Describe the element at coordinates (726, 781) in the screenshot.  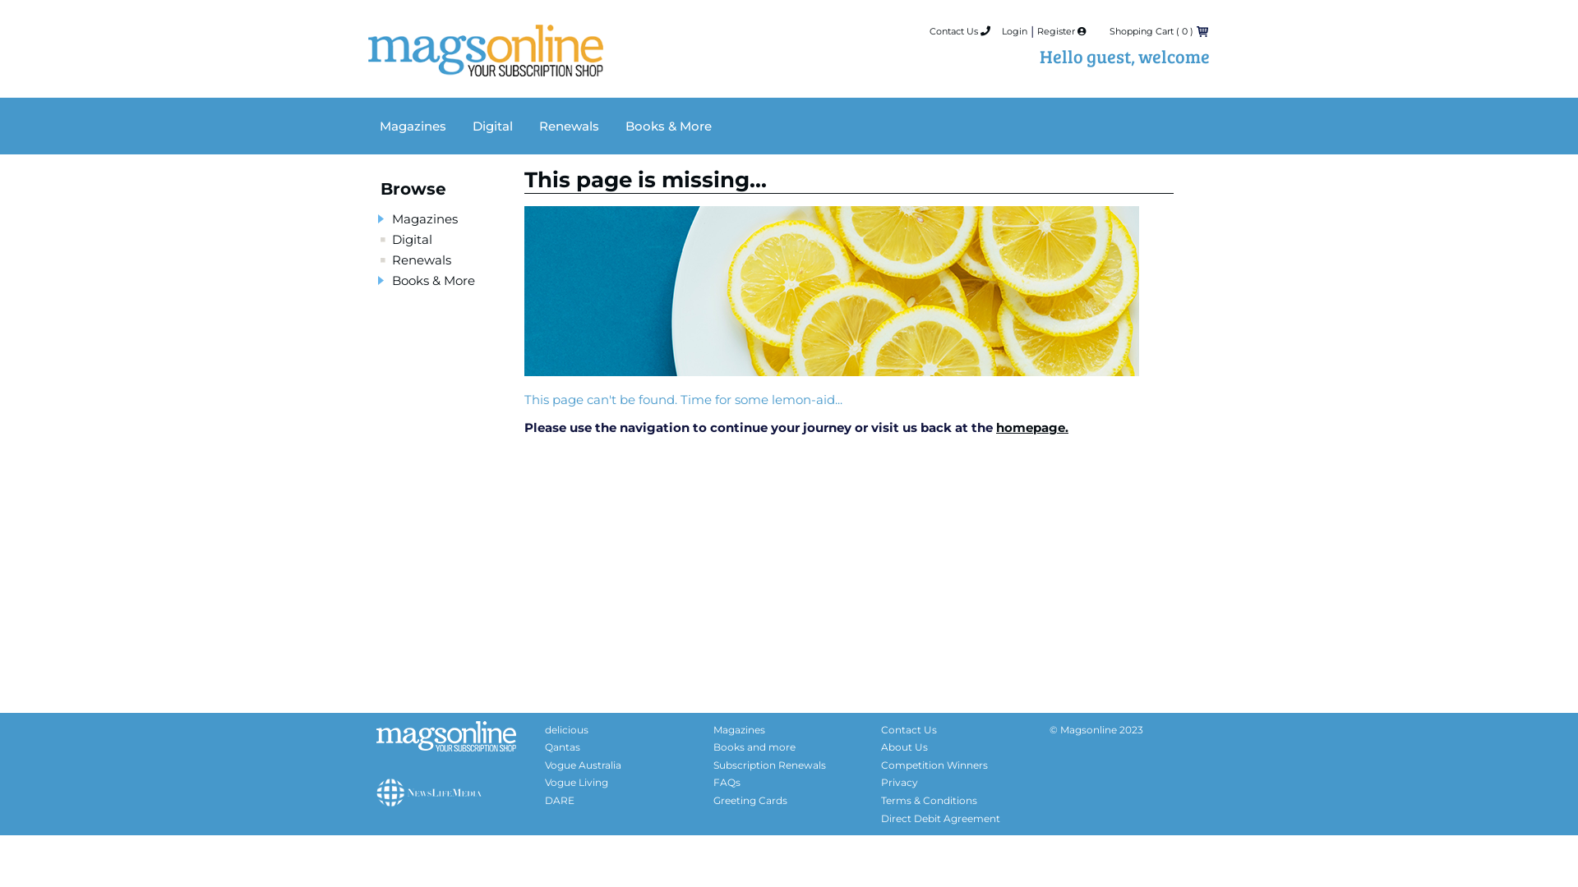
I see `'FAQs'` at that location.